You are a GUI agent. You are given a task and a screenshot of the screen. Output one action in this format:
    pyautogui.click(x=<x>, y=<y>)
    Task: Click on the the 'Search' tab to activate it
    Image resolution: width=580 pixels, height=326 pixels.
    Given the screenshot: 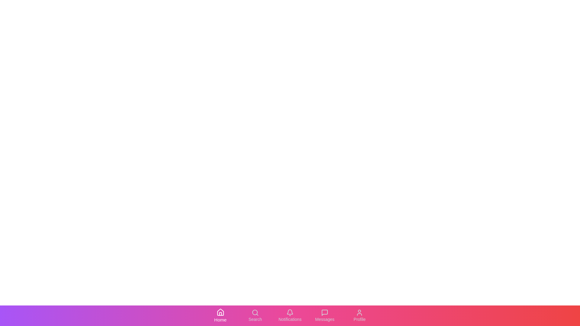 What is the action you would take?
    pyautogui.click(x=255, y=315)
    